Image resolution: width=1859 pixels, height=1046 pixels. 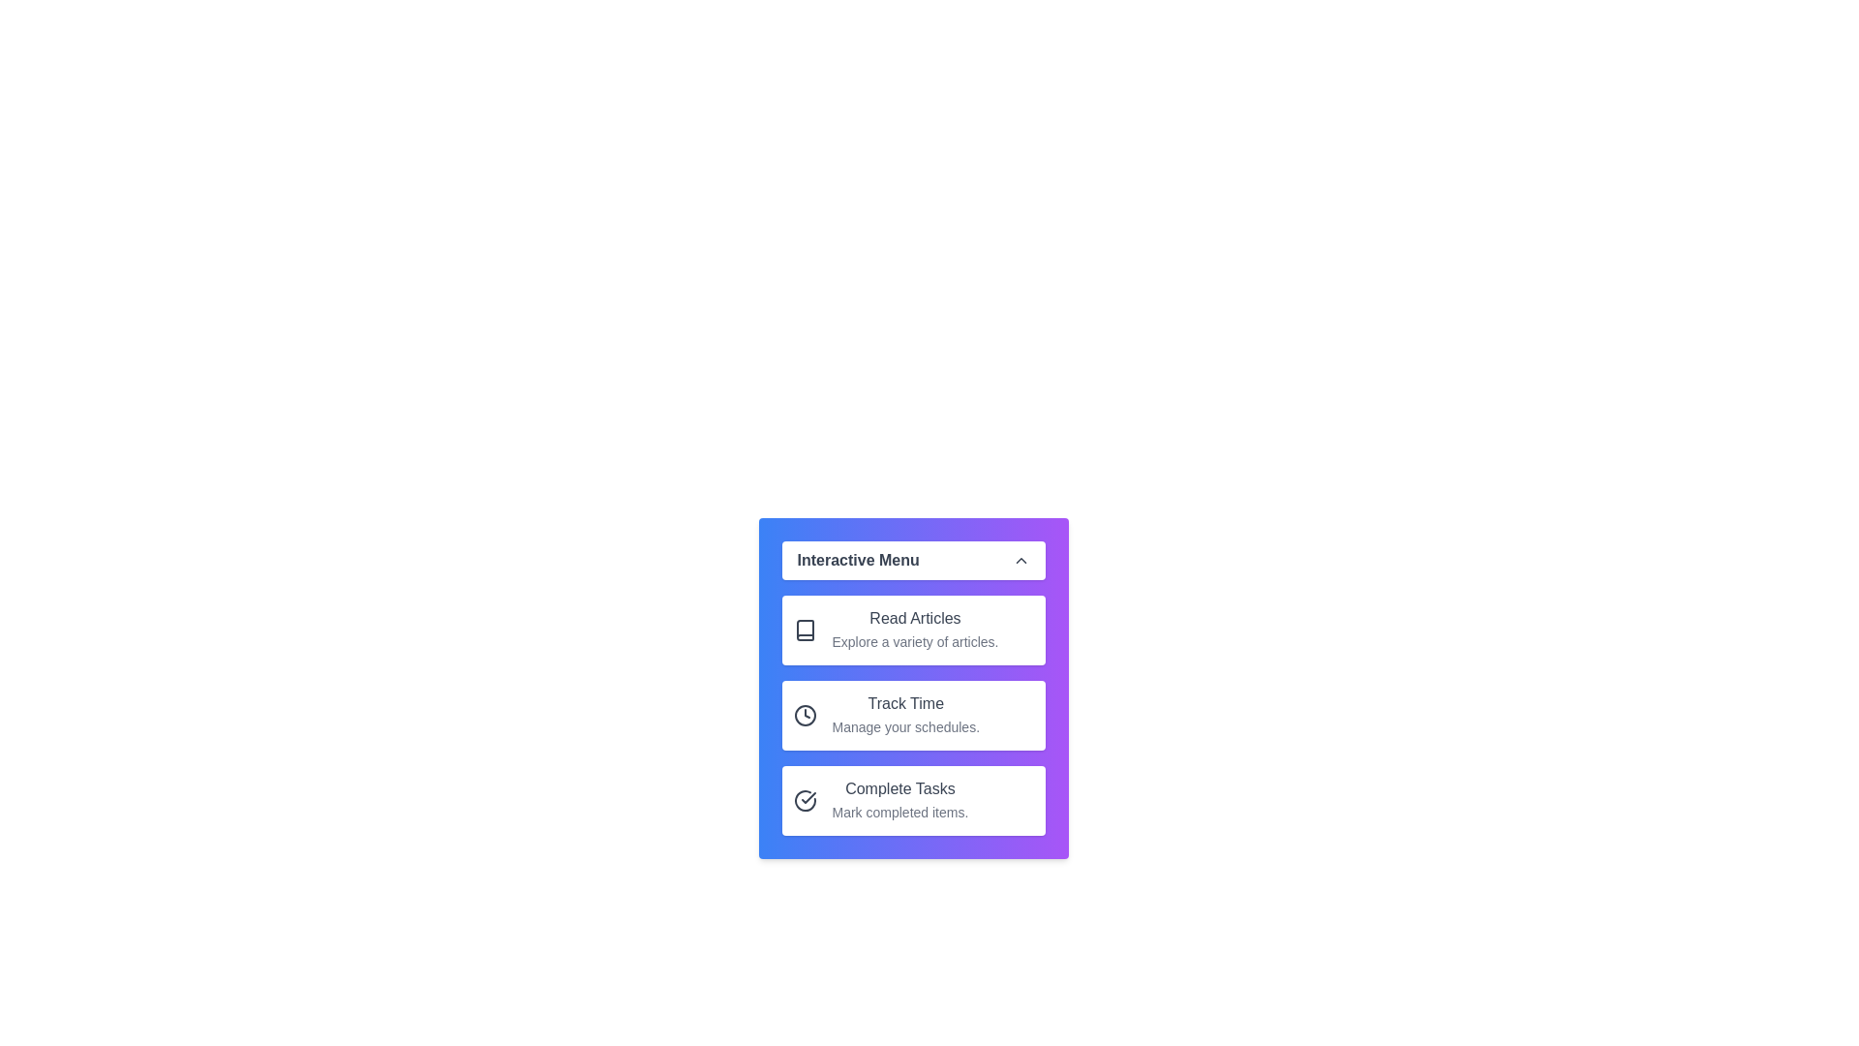 I want to click on the menu item with the title Read Articles, so click(x=912, y=631).